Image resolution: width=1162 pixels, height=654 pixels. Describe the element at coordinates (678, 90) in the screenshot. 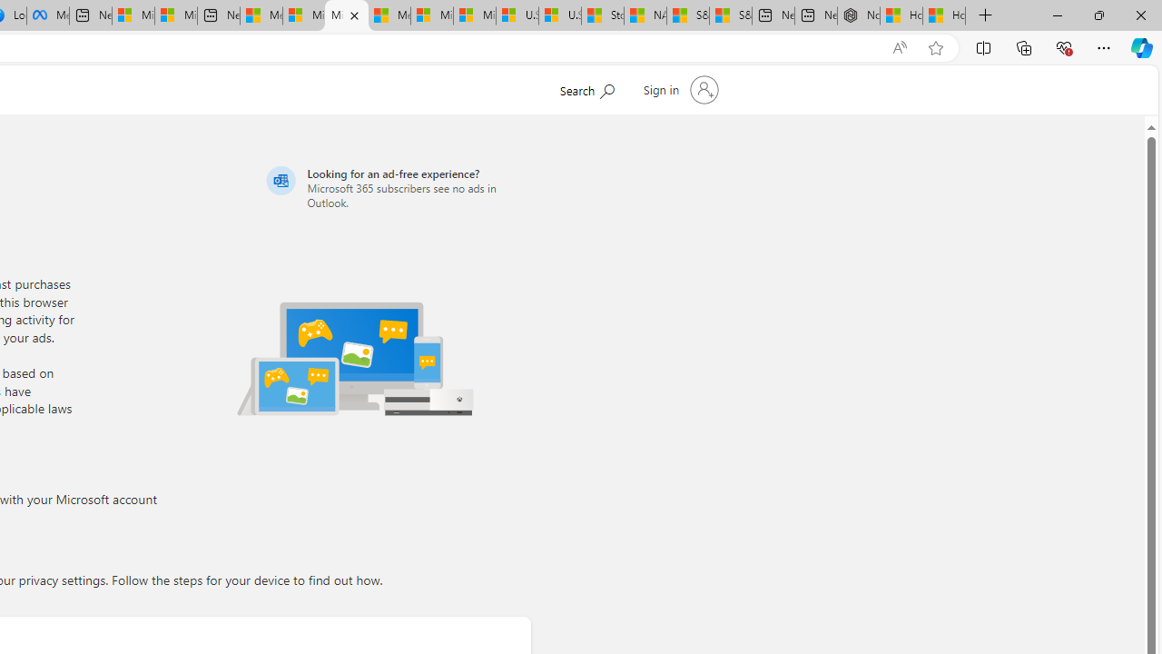

I see `'Sign in to your account'` at that location.